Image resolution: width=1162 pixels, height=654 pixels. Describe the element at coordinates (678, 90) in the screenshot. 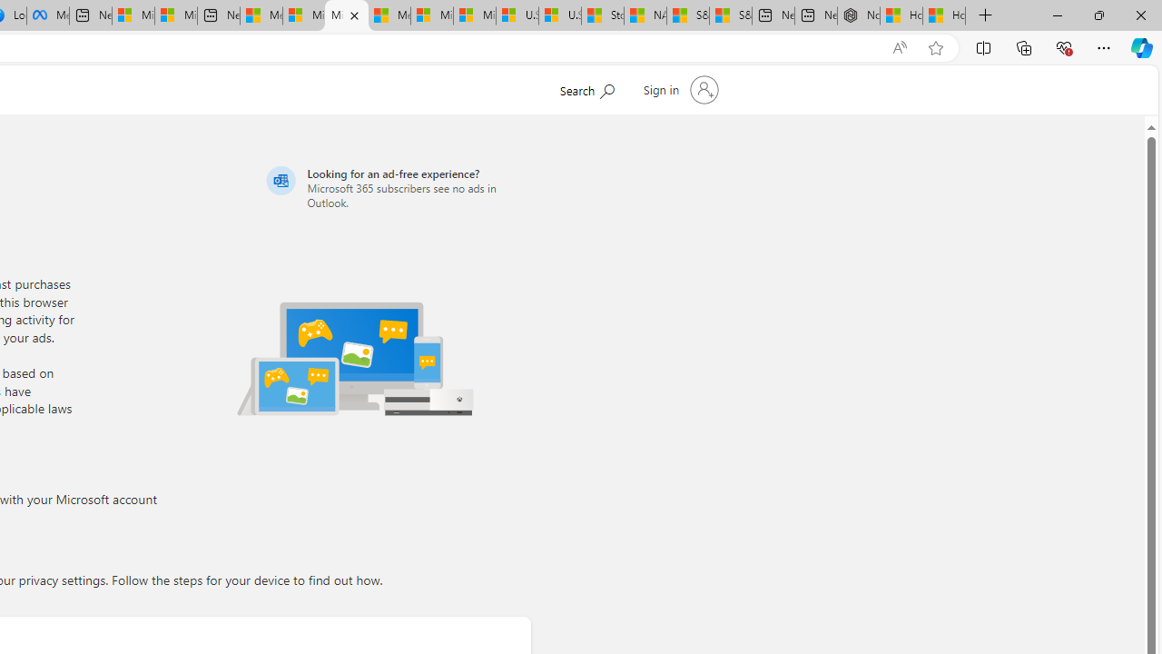

I see `'Sign in to your account'` at that location.